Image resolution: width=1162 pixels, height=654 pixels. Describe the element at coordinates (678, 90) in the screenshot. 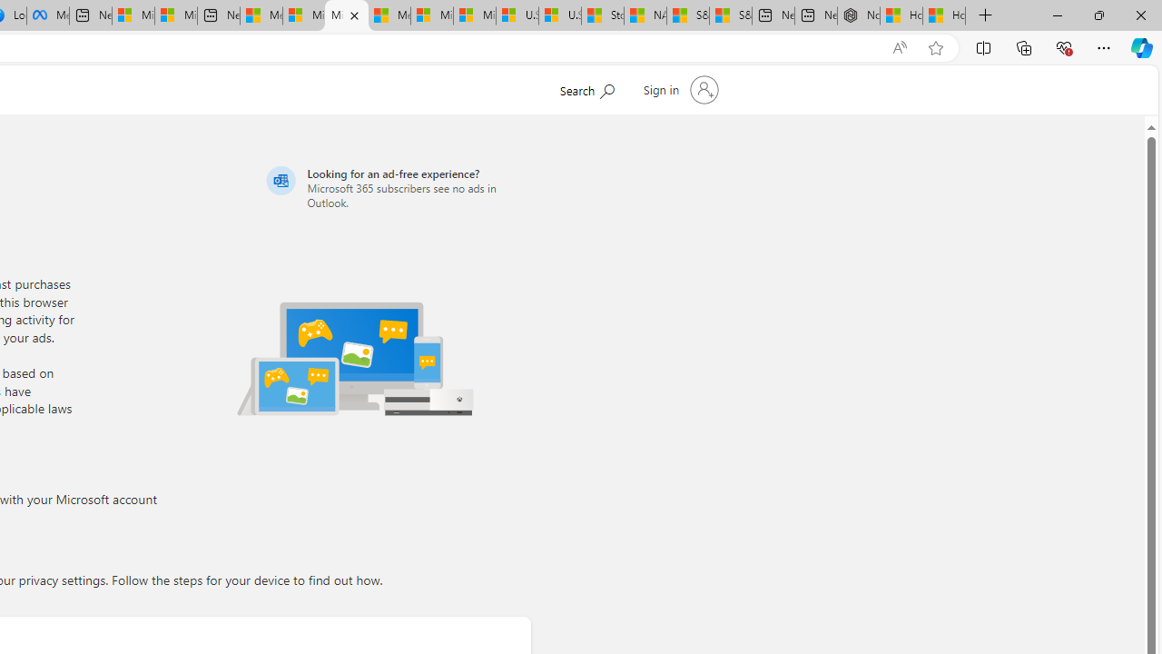

I see `'Sign in to your account'` at that location.